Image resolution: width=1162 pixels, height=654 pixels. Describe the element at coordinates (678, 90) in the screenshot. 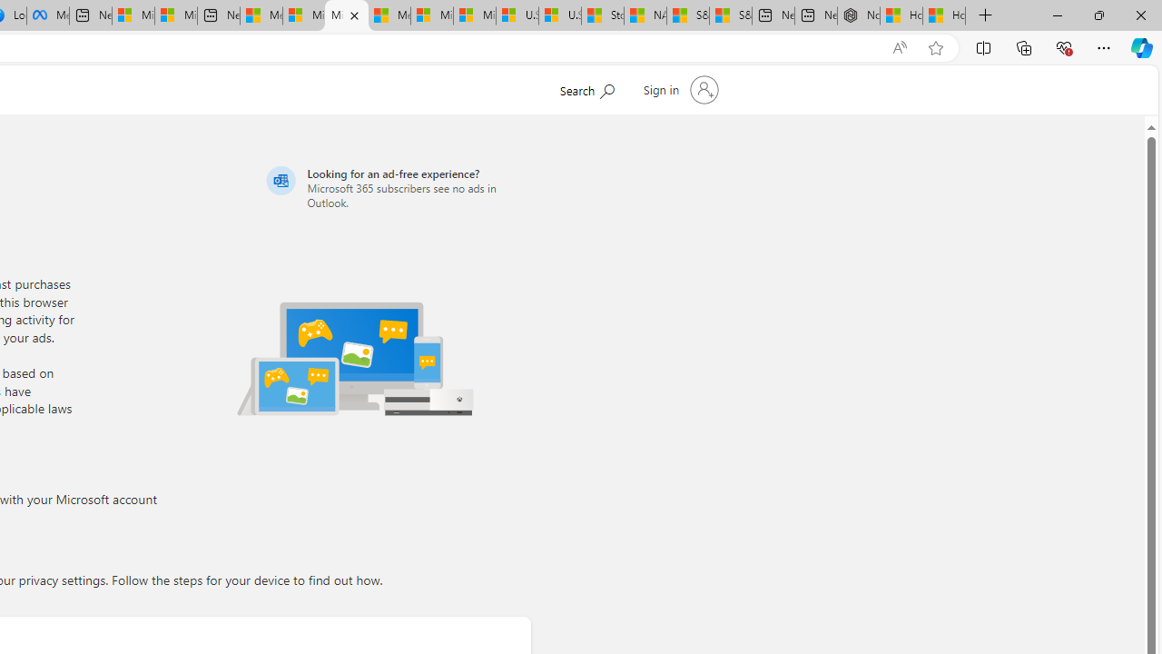

I see `'Sign in to your account'` at that location.